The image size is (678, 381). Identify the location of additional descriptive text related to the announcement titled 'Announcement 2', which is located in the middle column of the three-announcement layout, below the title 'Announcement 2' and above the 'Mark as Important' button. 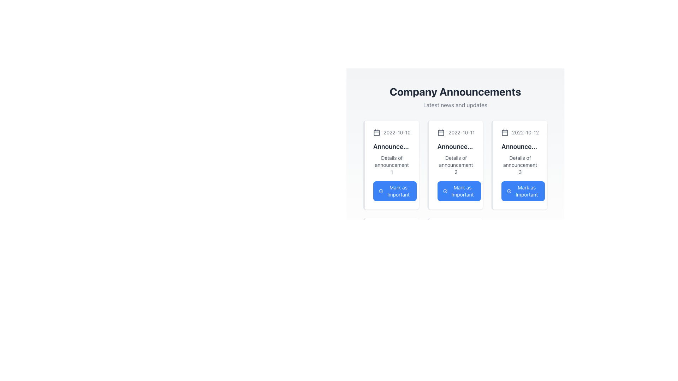
(456, 165).